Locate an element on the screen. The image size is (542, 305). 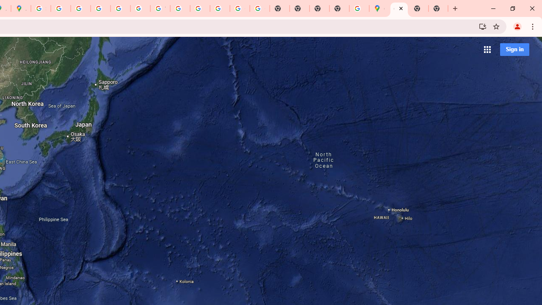
'Google Maps' is located at coordinates (398, 8).